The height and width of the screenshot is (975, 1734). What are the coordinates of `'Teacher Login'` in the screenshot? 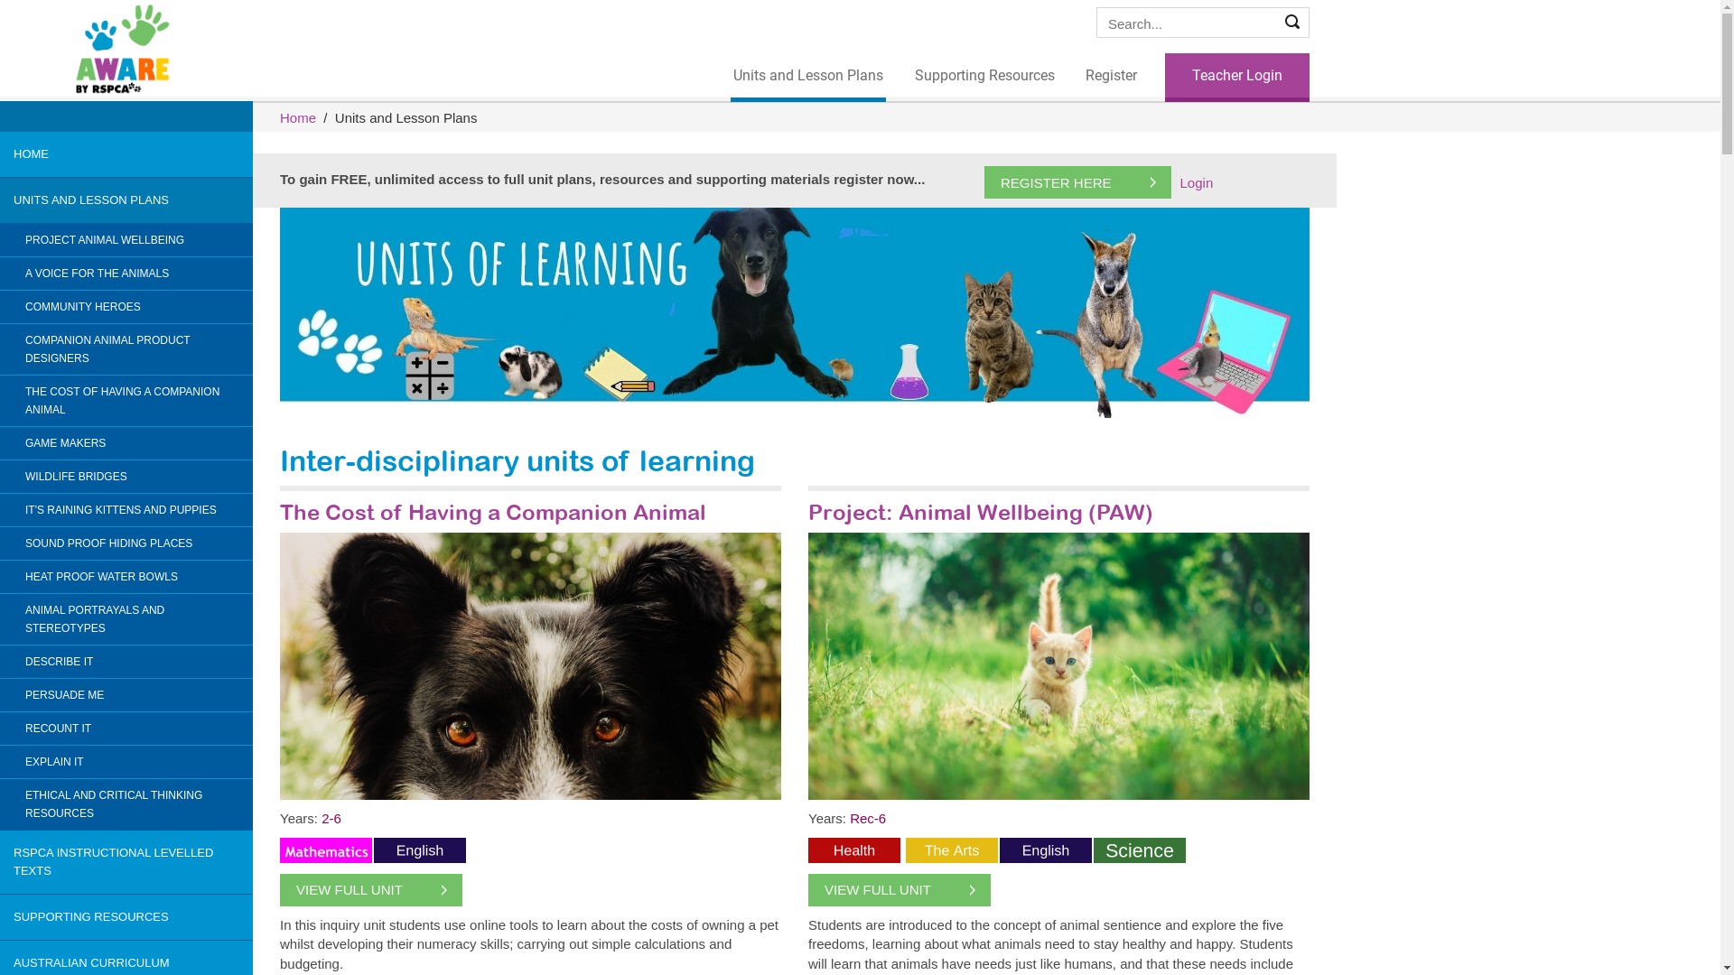 It's located at (1235, 76).